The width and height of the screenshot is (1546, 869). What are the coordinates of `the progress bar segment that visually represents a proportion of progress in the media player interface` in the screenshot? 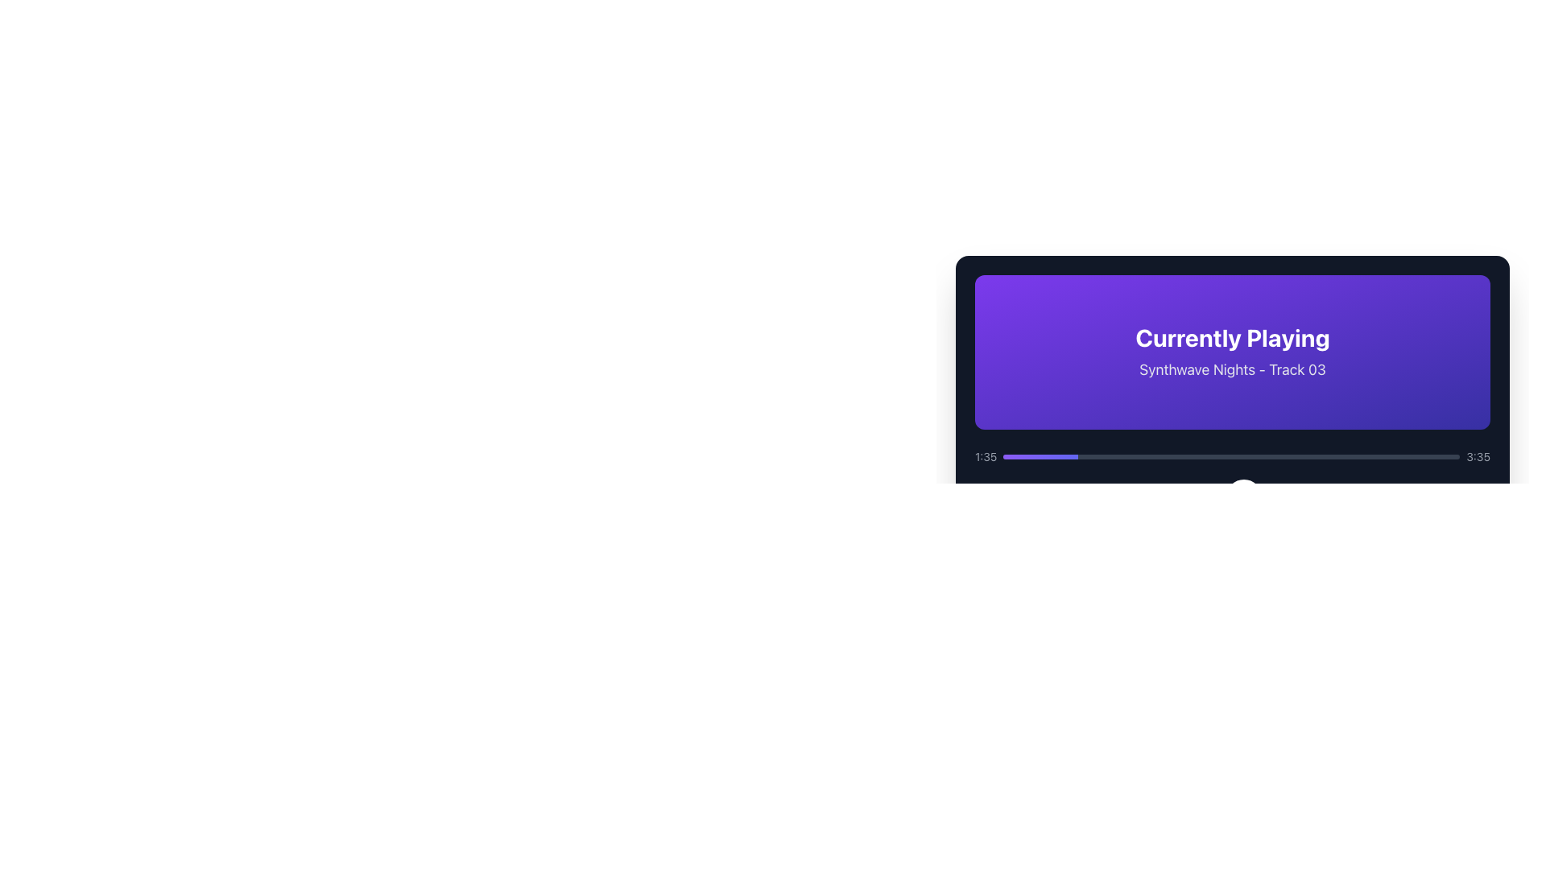 It's located at (1040, 456).